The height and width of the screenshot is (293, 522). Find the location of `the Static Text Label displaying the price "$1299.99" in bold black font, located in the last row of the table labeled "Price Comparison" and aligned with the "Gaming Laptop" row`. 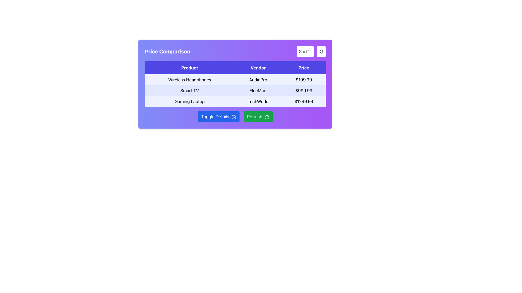

the Static Text Label displaying the price "$1299.99" in bold black font, located in the last row of the table labeled "Price Comparison" and aligned with the "Gaming Laptop" row is located at coordinates (303, 101).